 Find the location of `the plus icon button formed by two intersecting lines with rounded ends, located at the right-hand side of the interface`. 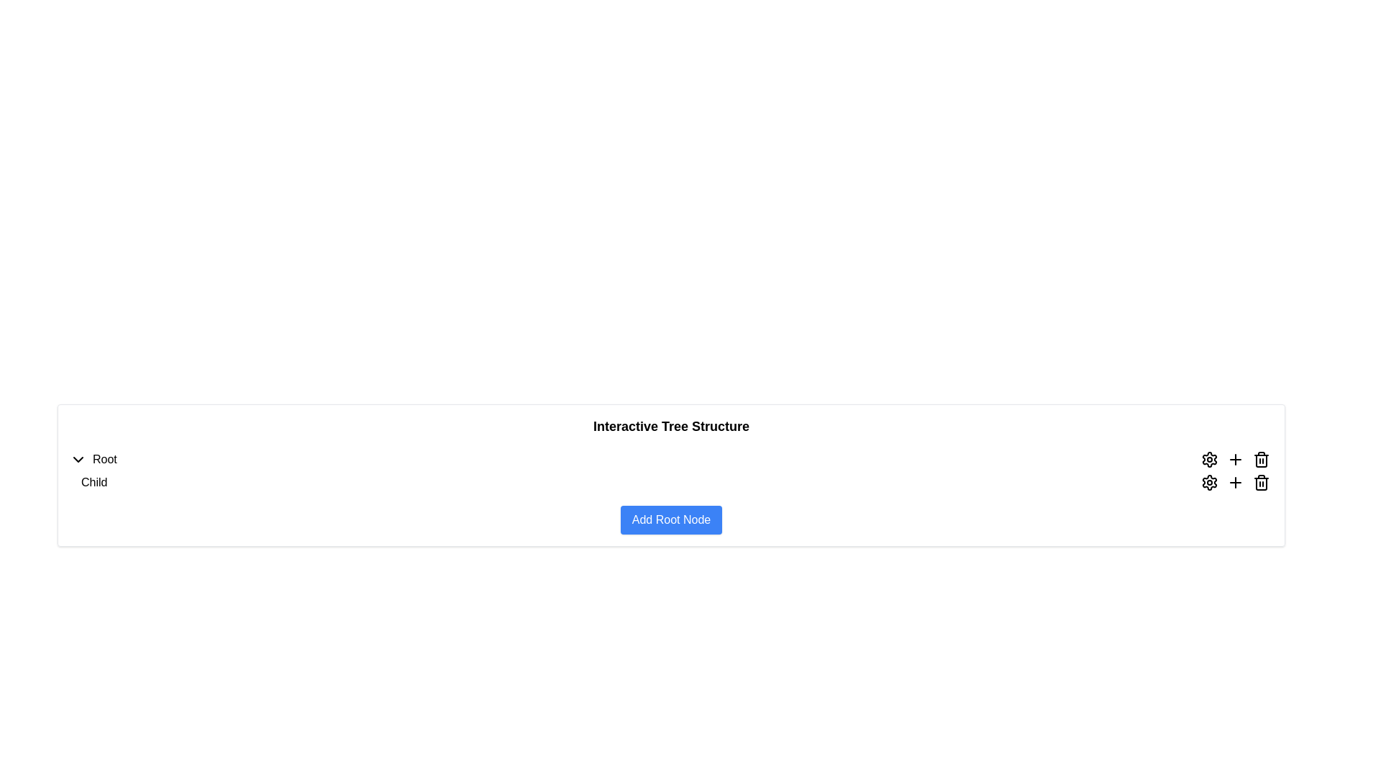

the plus icon button formed by two intersecting lines with rounded ends, located at the right-hand side of the interface is located at coordinates (1235, 460).